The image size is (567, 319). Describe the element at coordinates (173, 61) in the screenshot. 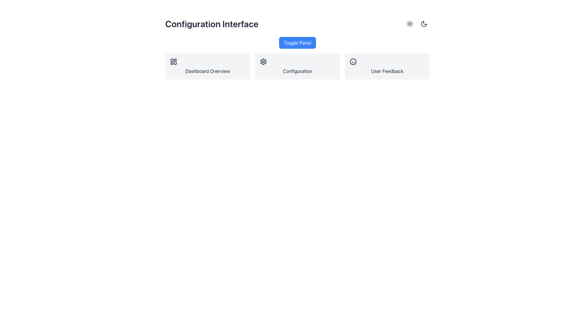

I see `the square dashboard icon located in the top-left corner of the 'Dashboard Overview' card, positioned before the text label 'Dashboard Overview'` at that location.